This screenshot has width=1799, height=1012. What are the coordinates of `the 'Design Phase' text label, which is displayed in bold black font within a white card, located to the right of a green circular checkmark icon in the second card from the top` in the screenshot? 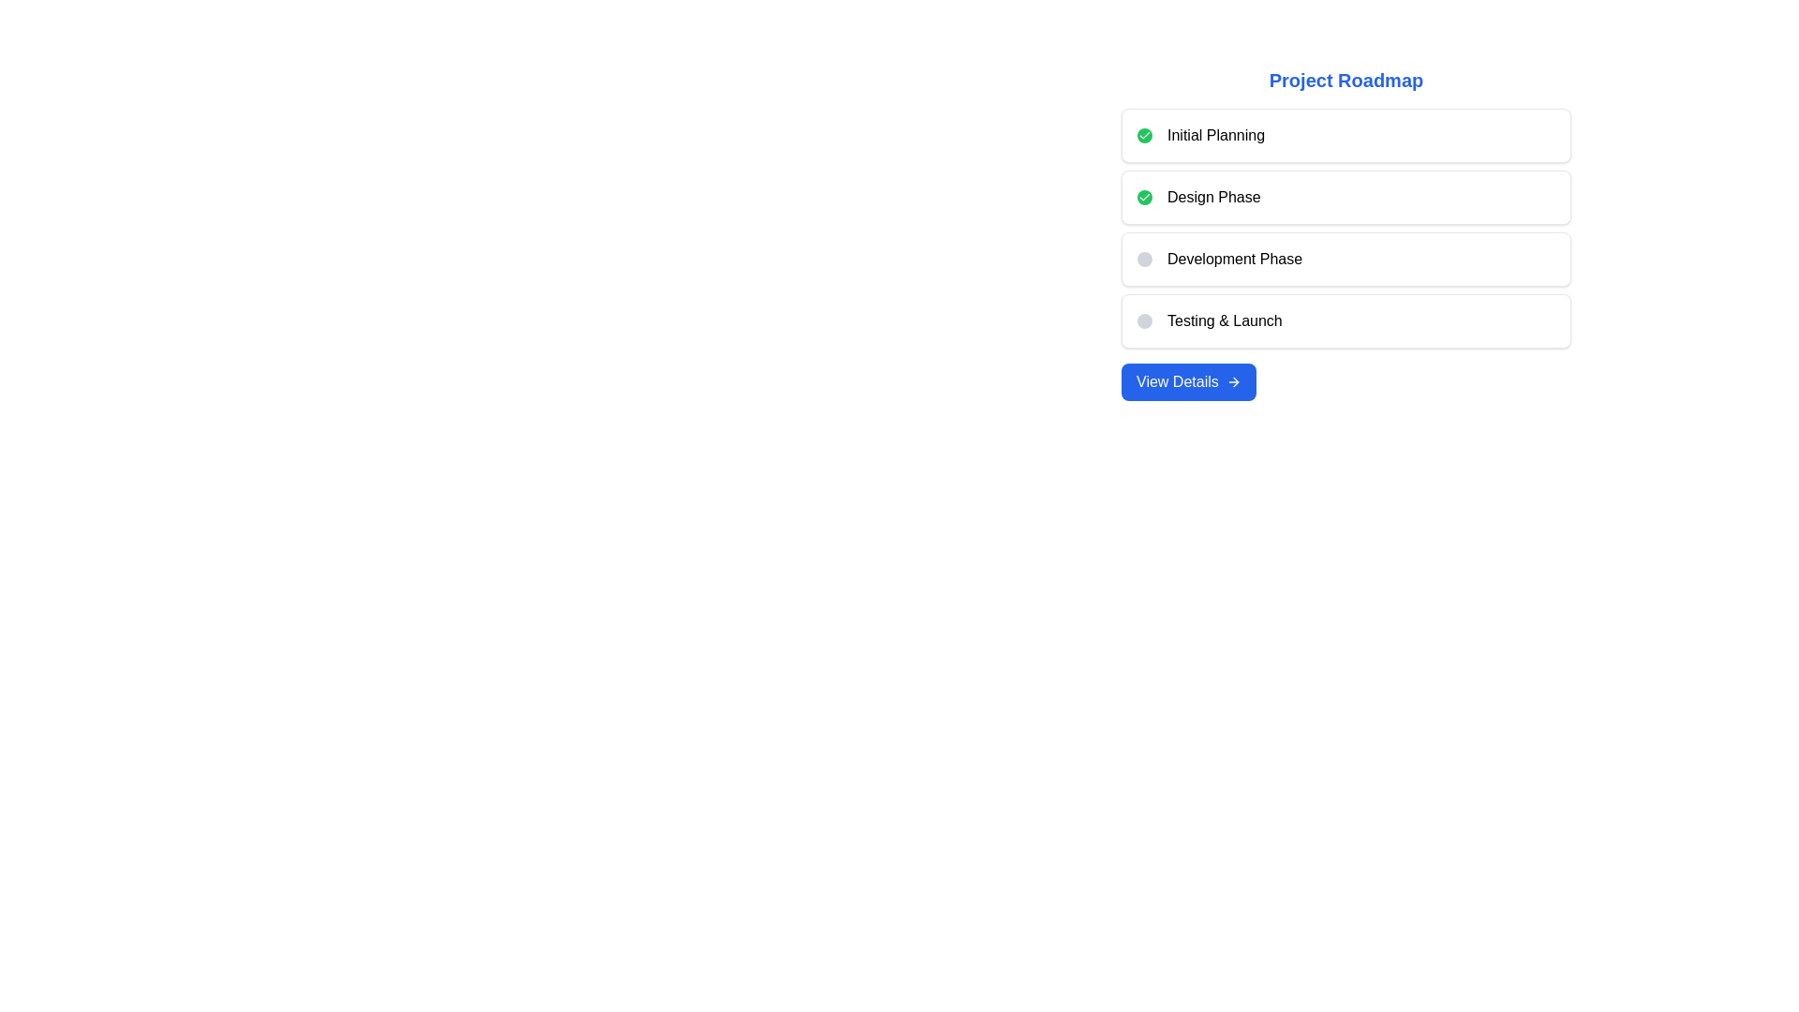 It's located at (1213, 198).